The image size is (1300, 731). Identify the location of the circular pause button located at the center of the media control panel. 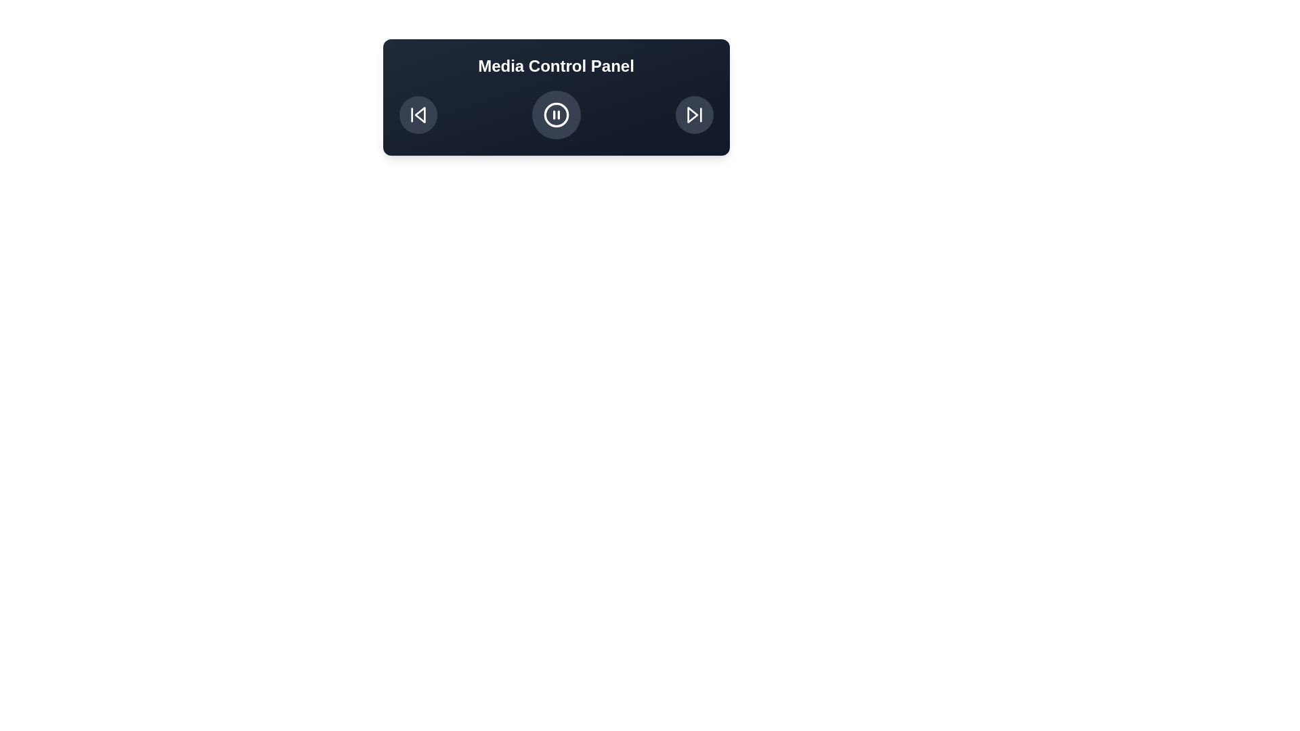
(556, 114).